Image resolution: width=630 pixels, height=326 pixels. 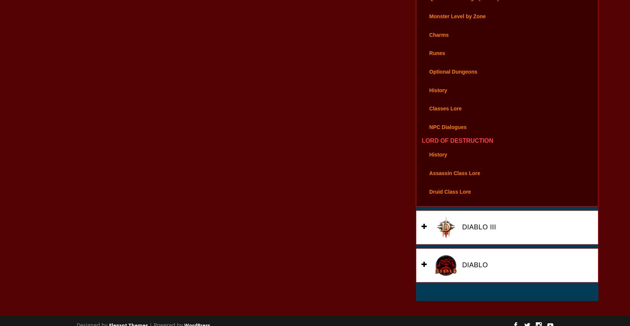 What do you see at coordinates (473, 275) in the screenshot?
I see `'Diablo'` at bounding box center [473, 275].